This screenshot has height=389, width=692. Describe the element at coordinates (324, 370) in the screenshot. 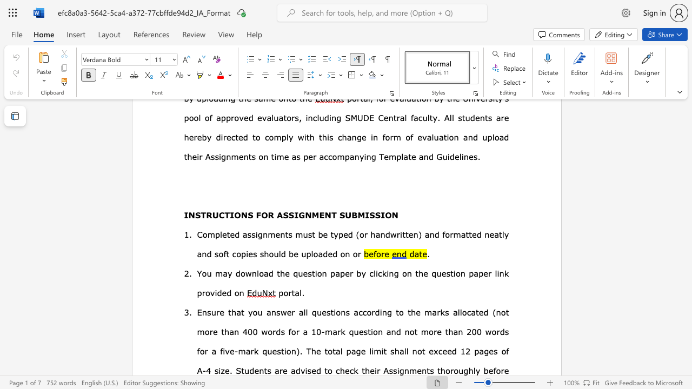

I see `the subset text "to" within the text "advised to check"` at that location.